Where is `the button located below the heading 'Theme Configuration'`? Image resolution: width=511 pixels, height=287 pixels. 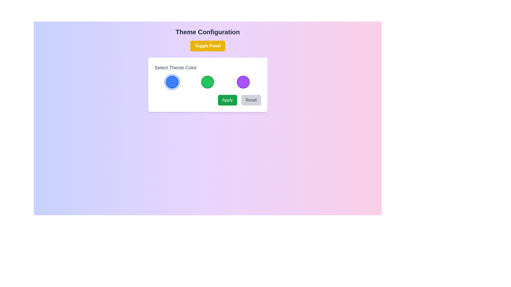 the button located below the heading 'Theme Configuration' is located at coordinates (207, 46).